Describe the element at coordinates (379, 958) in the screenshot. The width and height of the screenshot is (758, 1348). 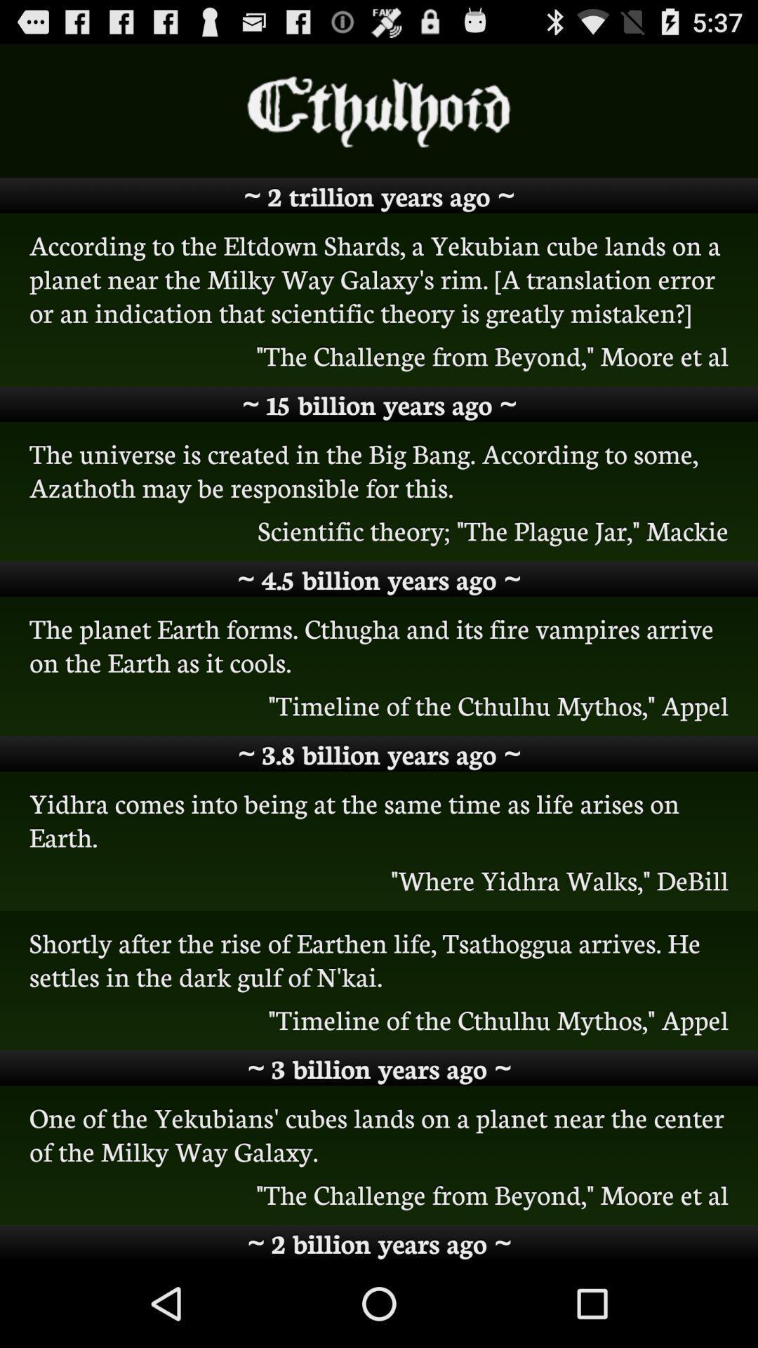
I see `icon below where yidhra walks icon` at that location.